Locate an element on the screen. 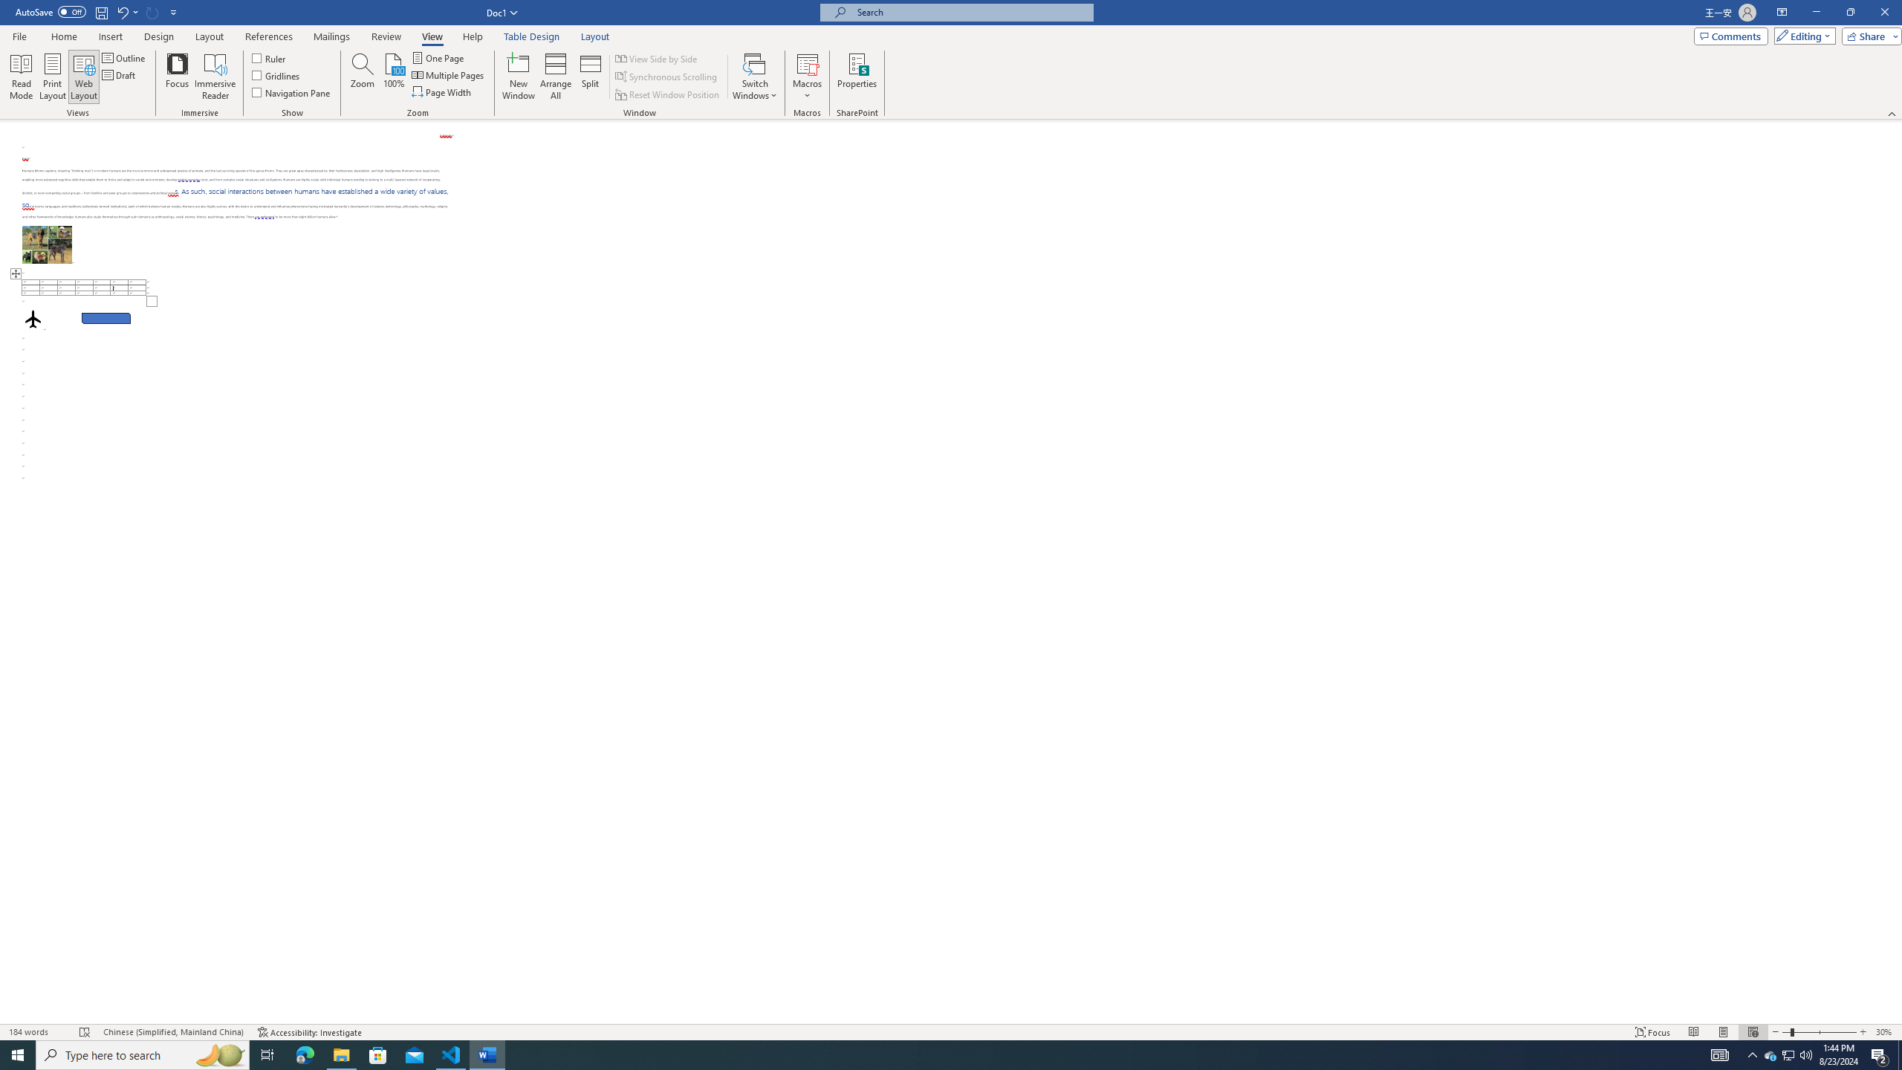  'Restore Down' is located at coordinates (1850, 12).